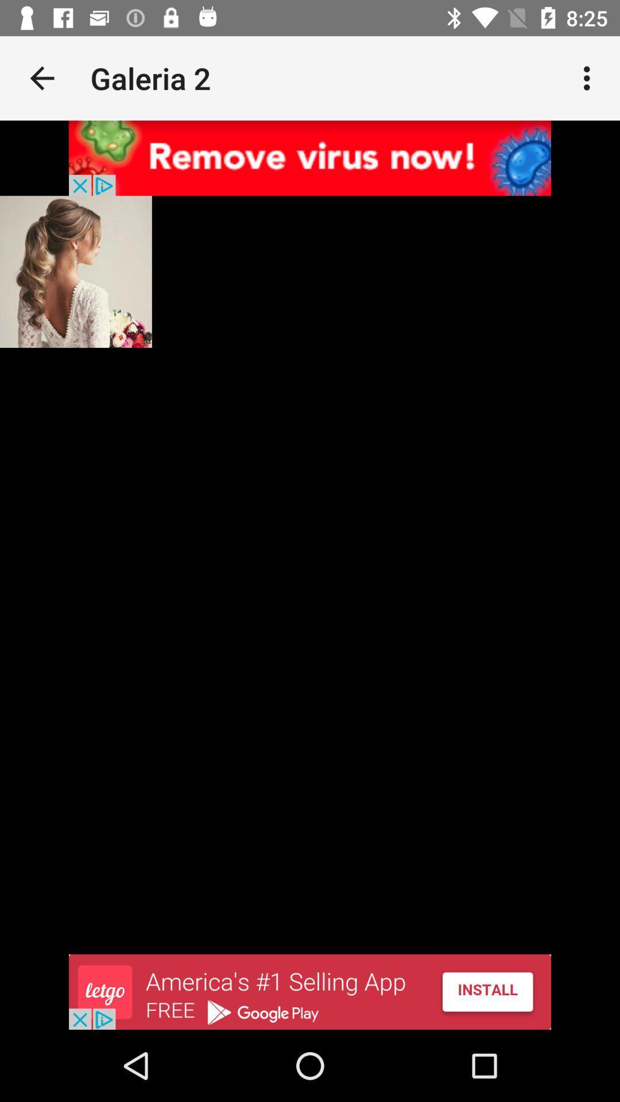  Describe the element at coordinates (310, 157) in the screenshot. I see `advertisement link` at that location.